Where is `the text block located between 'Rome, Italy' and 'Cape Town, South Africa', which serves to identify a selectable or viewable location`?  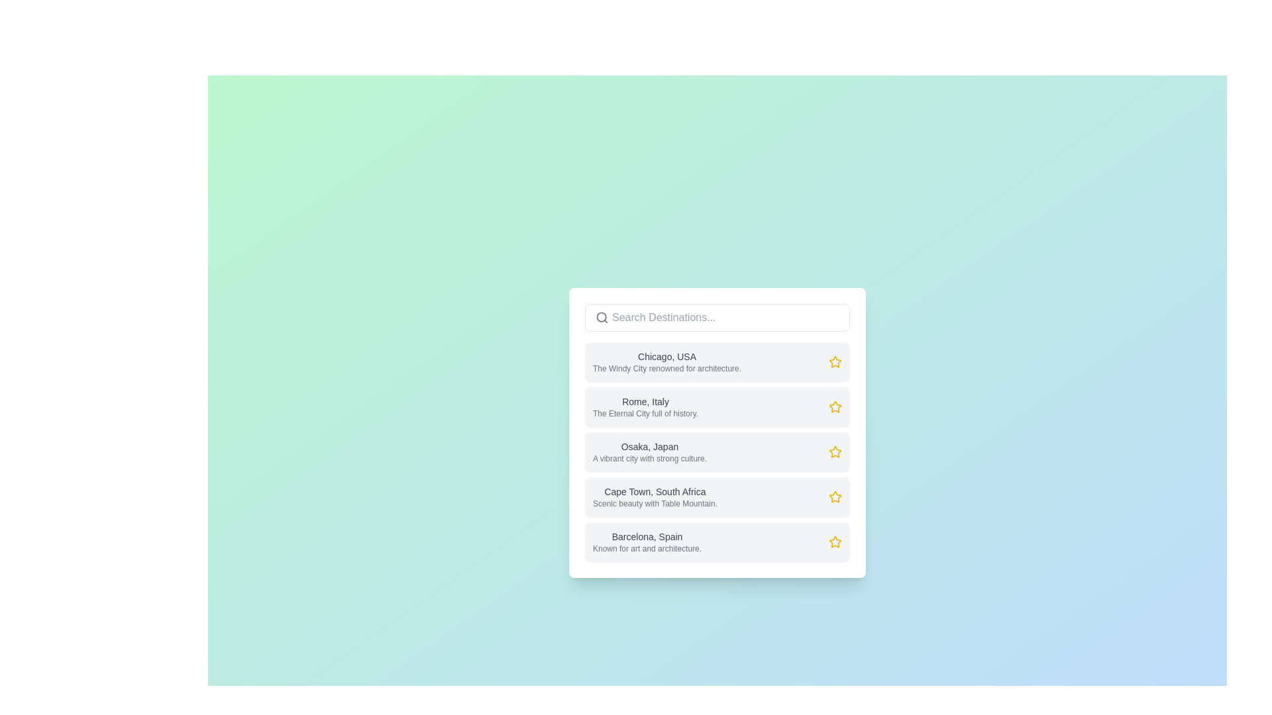 the text block located between 'Rome, Italy' and 'Cape Town, South Africa', which serves to identify a selectable or viewable location is located at coordinates (650, 451).